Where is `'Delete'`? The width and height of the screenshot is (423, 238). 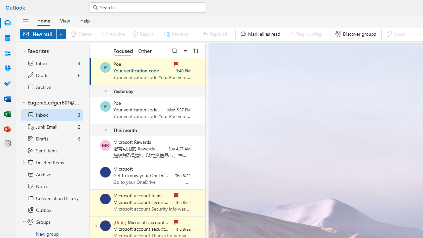 'Delete' is located at coordinates (82, 34).